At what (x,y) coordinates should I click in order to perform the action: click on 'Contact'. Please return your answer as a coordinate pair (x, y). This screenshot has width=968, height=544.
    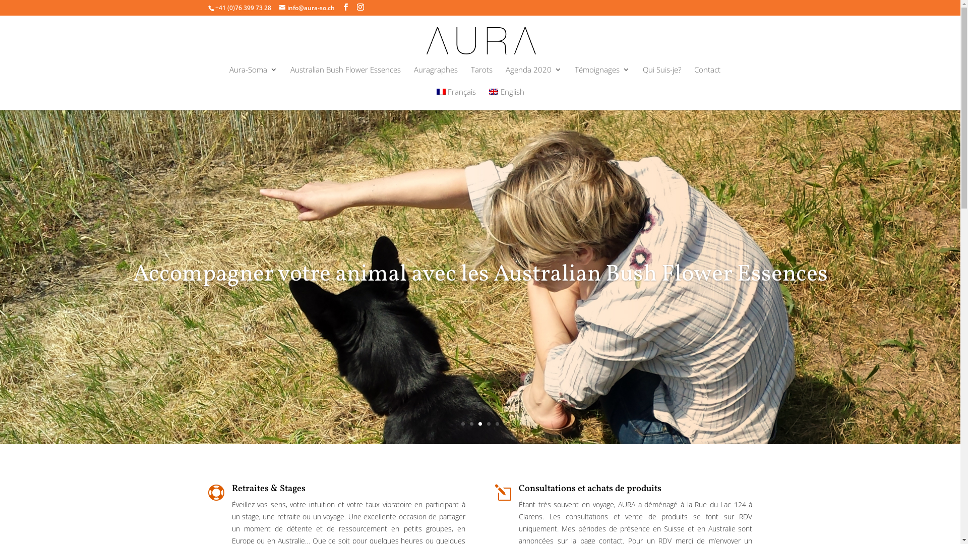
    Looking at the image, I should click on (693, 77).